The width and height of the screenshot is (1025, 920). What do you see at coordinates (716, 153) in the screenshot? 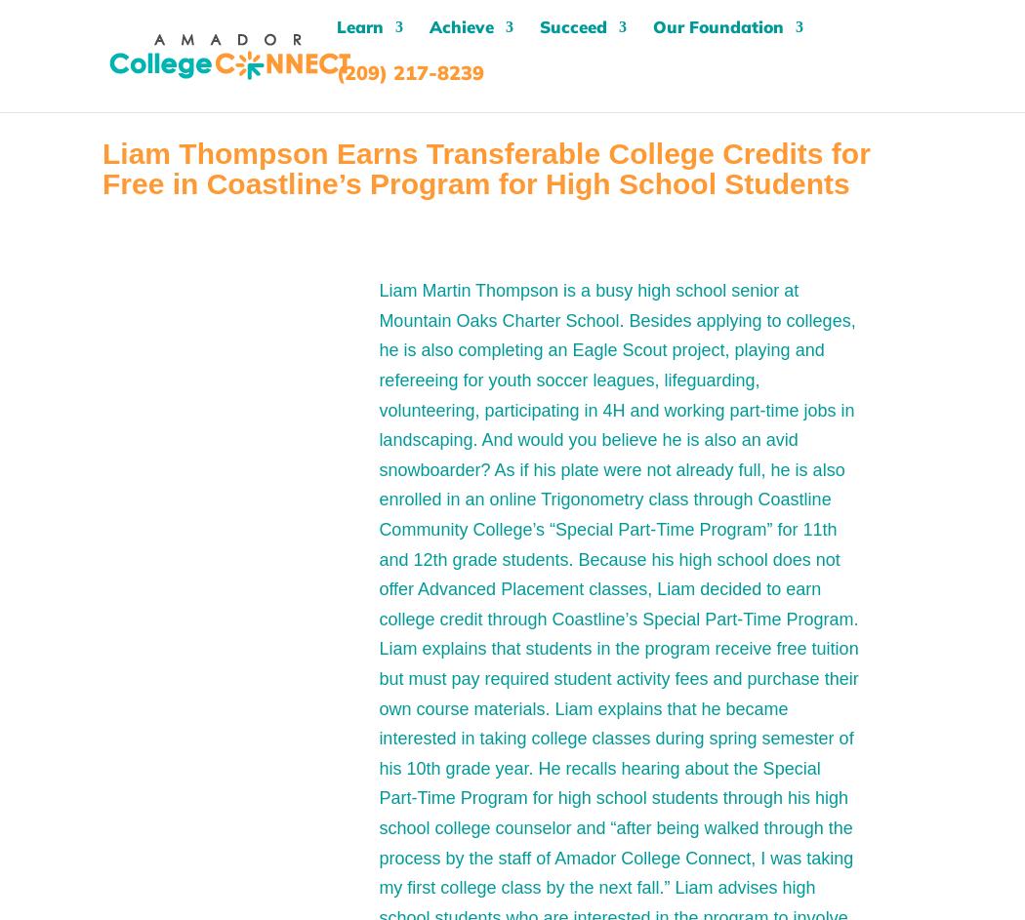
I see `'About Us'` at bounding box center [716, 153].